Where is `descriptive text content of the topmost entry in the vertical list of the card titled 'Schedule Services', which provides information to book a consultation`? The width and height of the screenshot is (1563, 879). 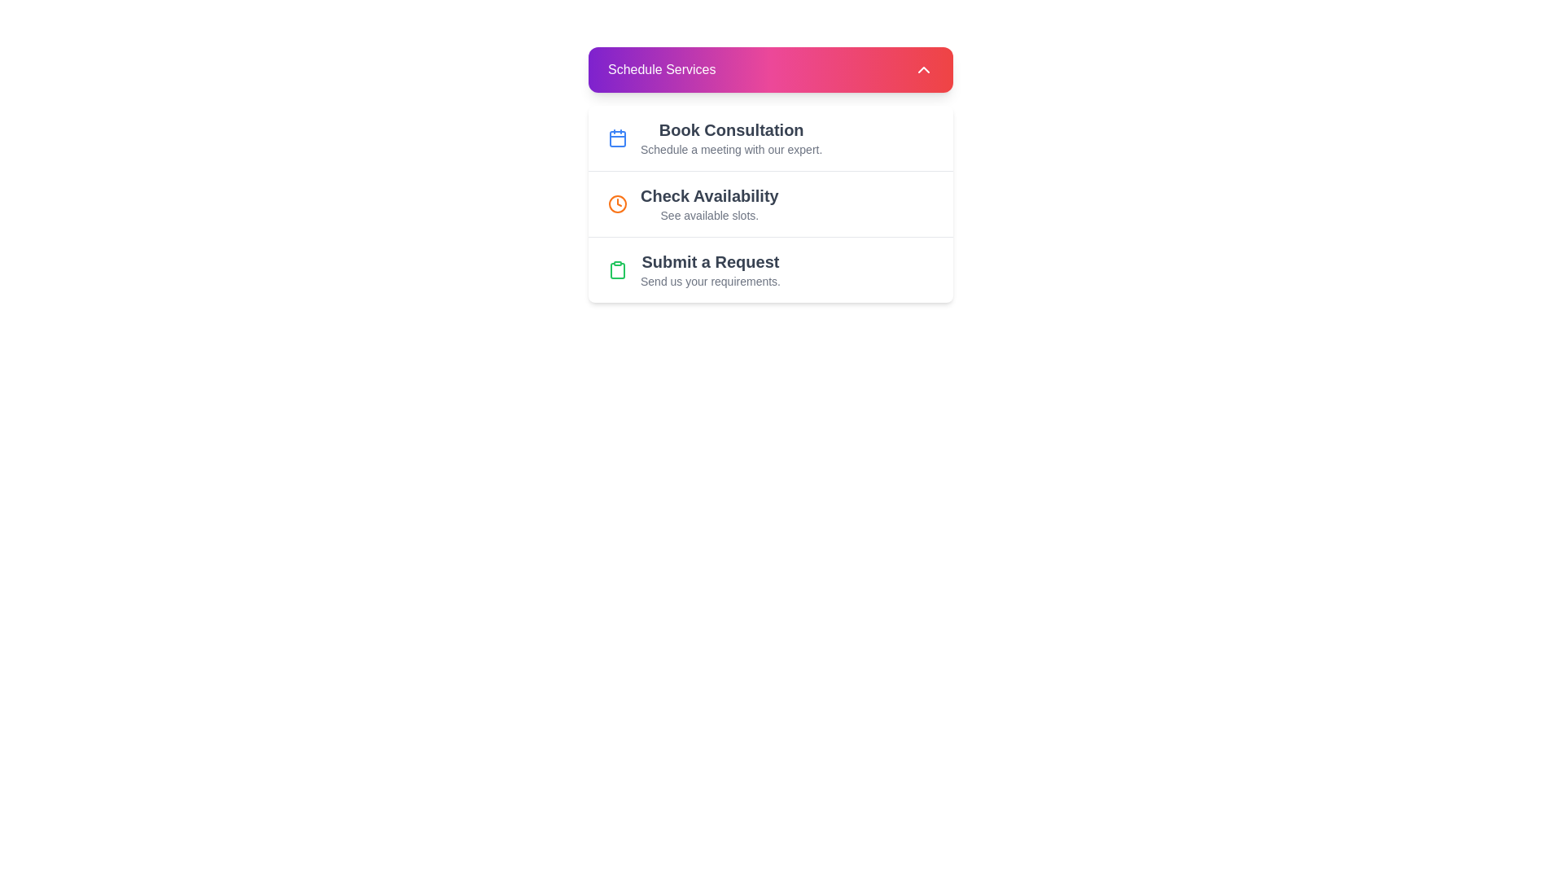
descriptive text content of the topmost entry in the vertical list of the card titled 'Schedule Services', which provides information to book a consultation is located at coordinates (730, 137).